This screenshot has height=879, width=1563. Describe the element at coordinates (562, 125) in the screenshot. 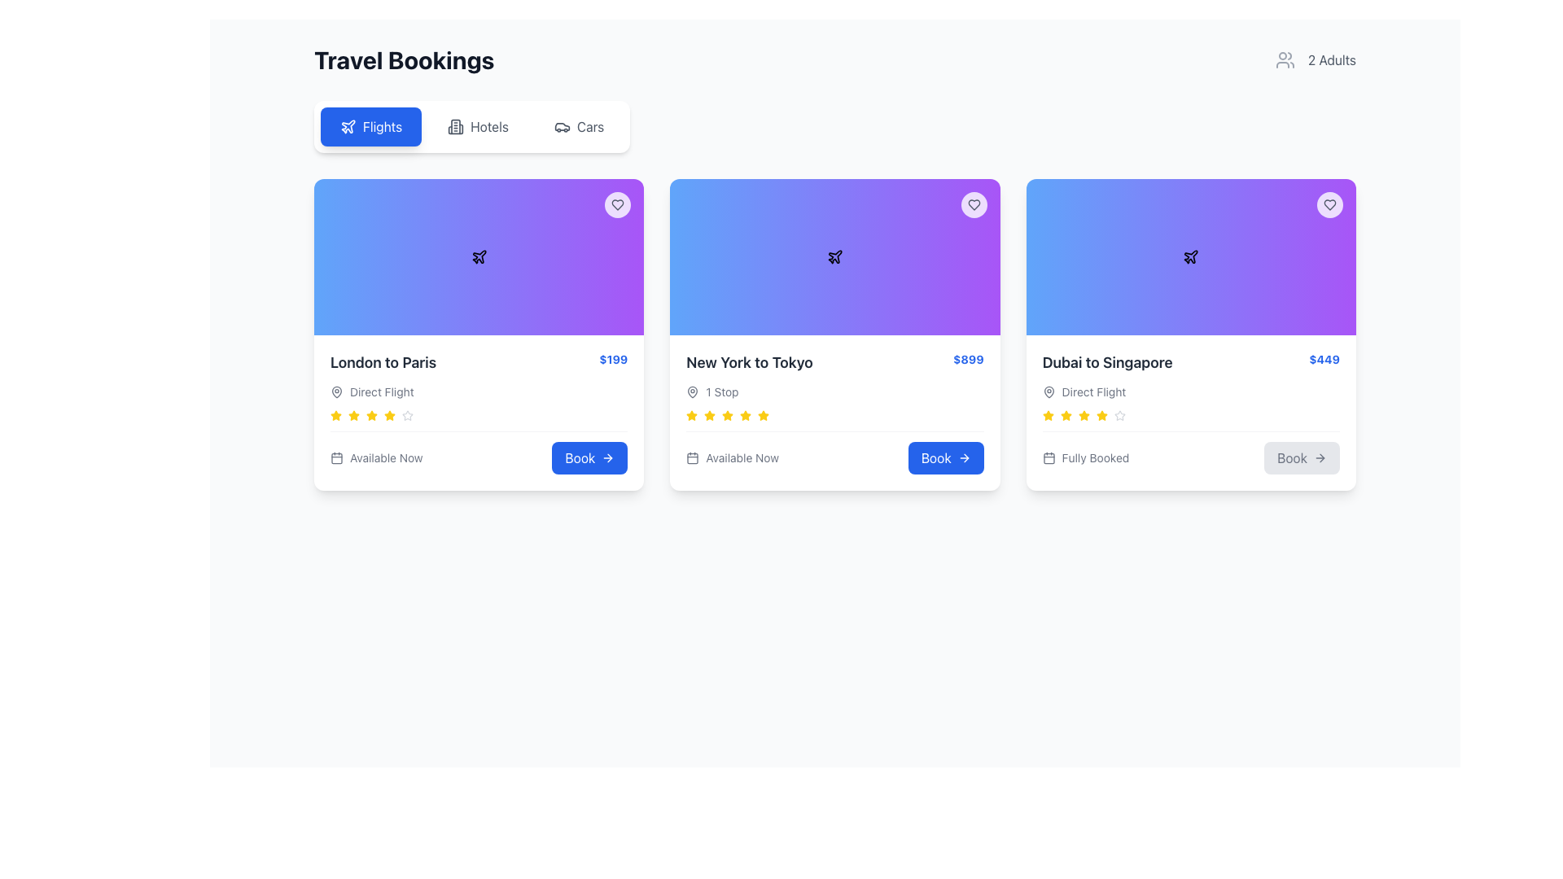

I see `the 'Cars' icon in the navigation menu, located at the top-center of the interface` at that location.